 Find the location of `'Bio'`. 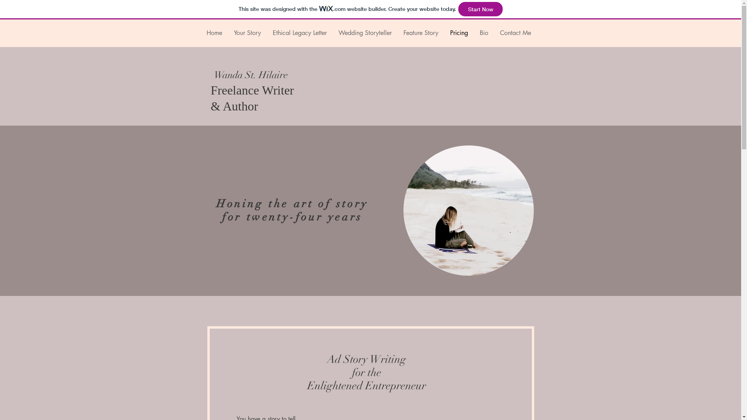

'Bio' is located at coordinates (473, 32).